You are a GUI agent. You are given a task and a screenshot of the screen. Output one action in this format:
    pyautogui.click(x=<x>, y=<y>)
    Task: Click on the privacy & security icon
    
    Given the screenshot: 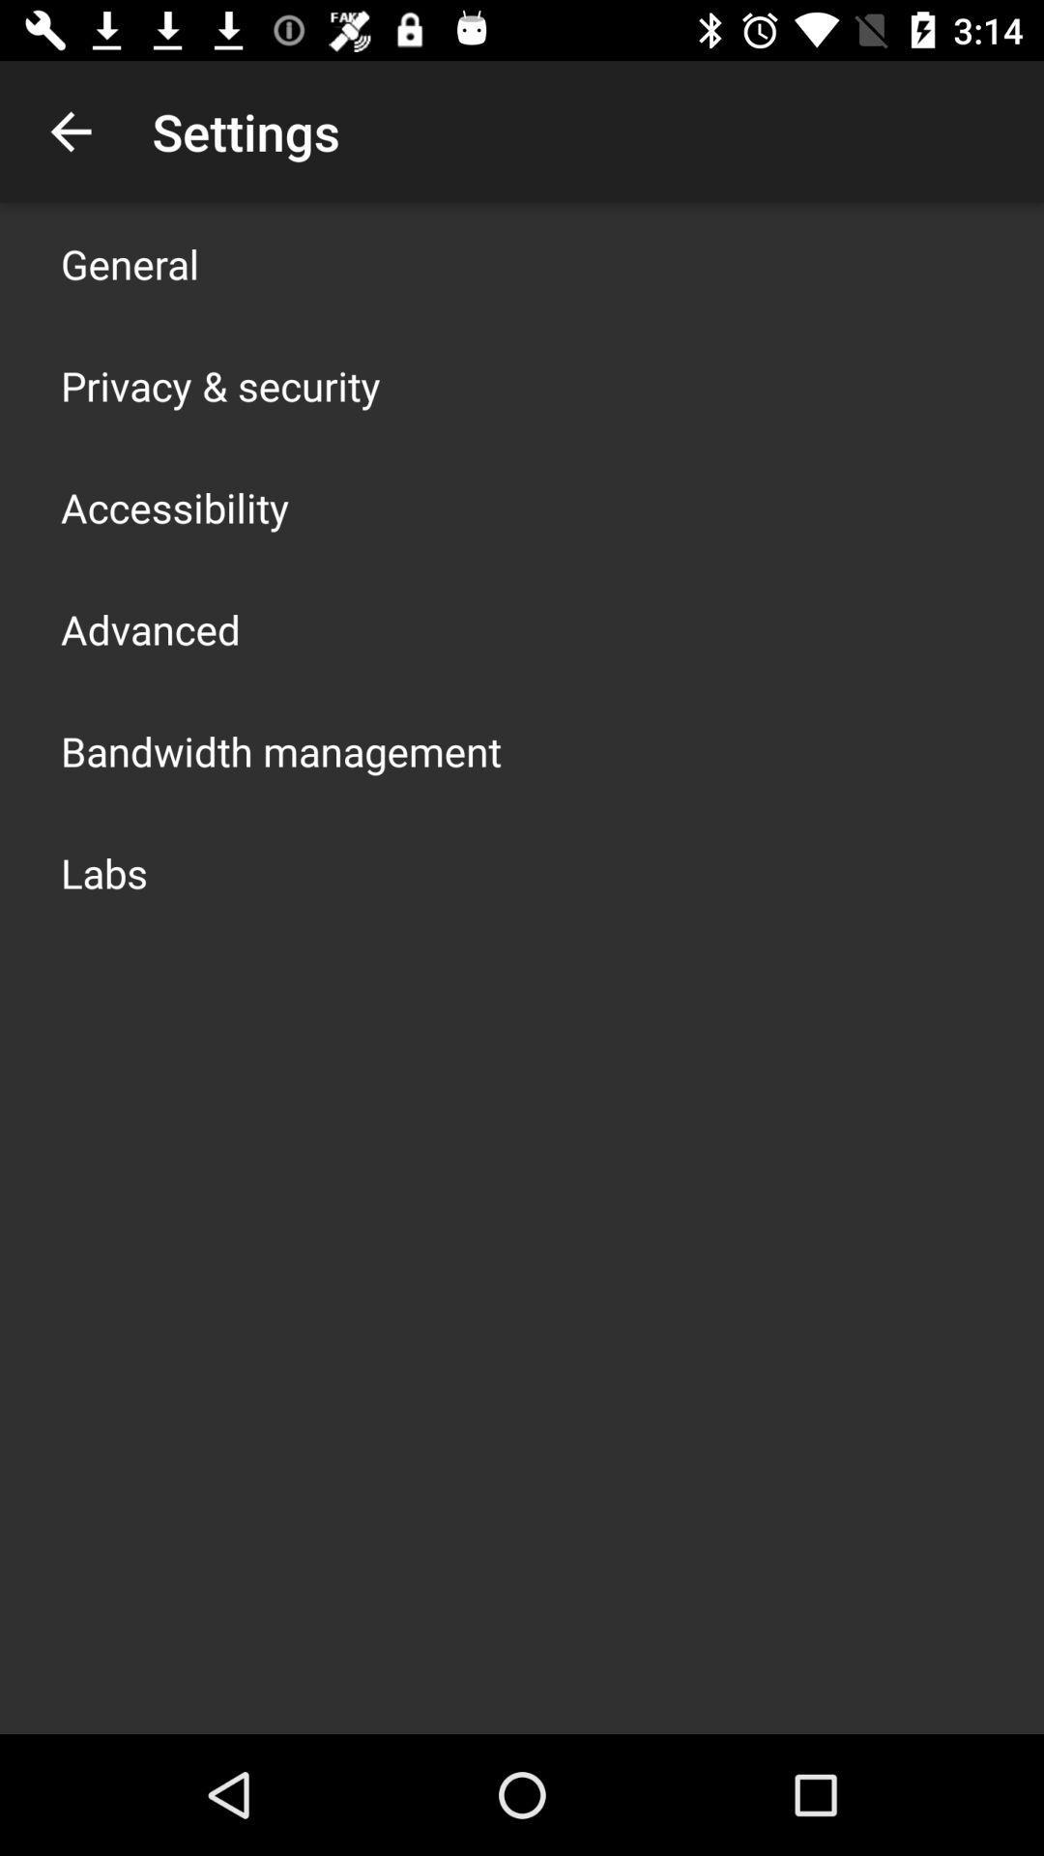 What is the action you would take?
    pyautogui.click(x=219, y=385)
    